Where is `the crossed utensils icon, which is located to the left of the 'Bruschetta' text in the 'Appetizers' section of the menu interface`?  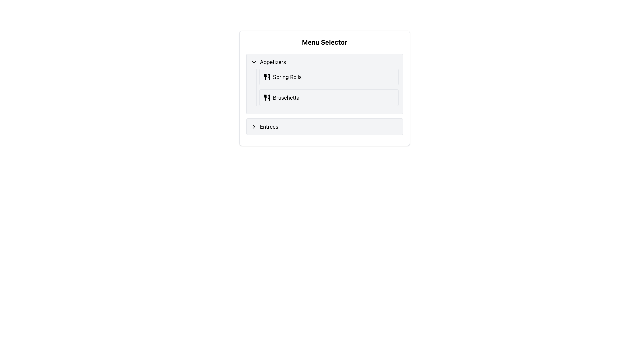 the crossed utensils icon, which is located to the left of the 'Bruschetta' text in the 'Appetizers' section of the menu interface is located at coordinates (267, 98).